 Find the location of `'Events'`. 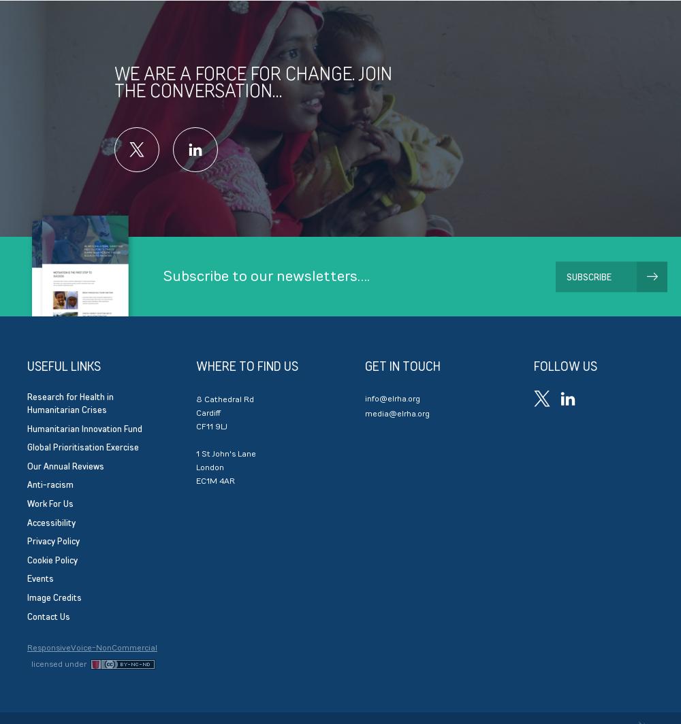

'Events' is located at coordinates (40, 578).